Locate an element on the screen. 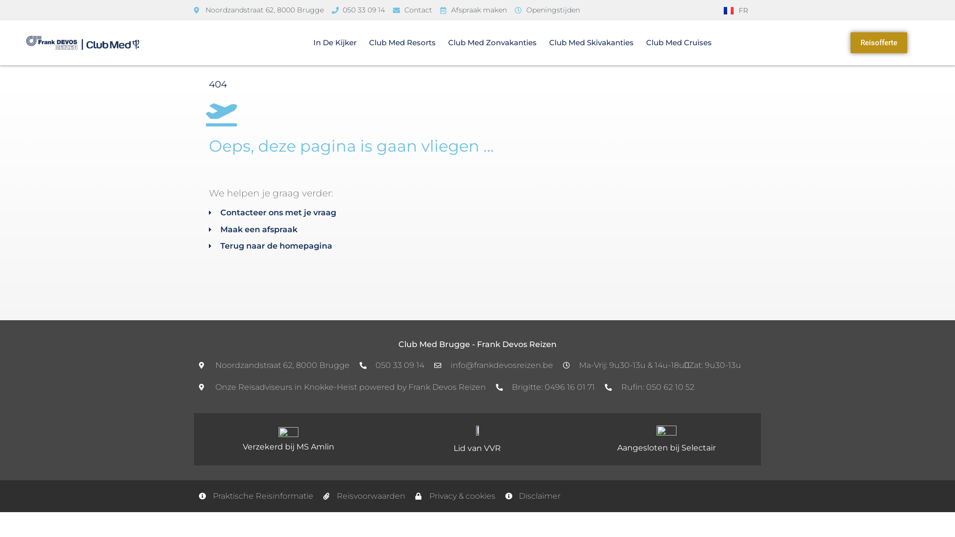 This screenshot has height=537, width=955. 'Club Med Skivakanties' is located at coordinates (549, 42).